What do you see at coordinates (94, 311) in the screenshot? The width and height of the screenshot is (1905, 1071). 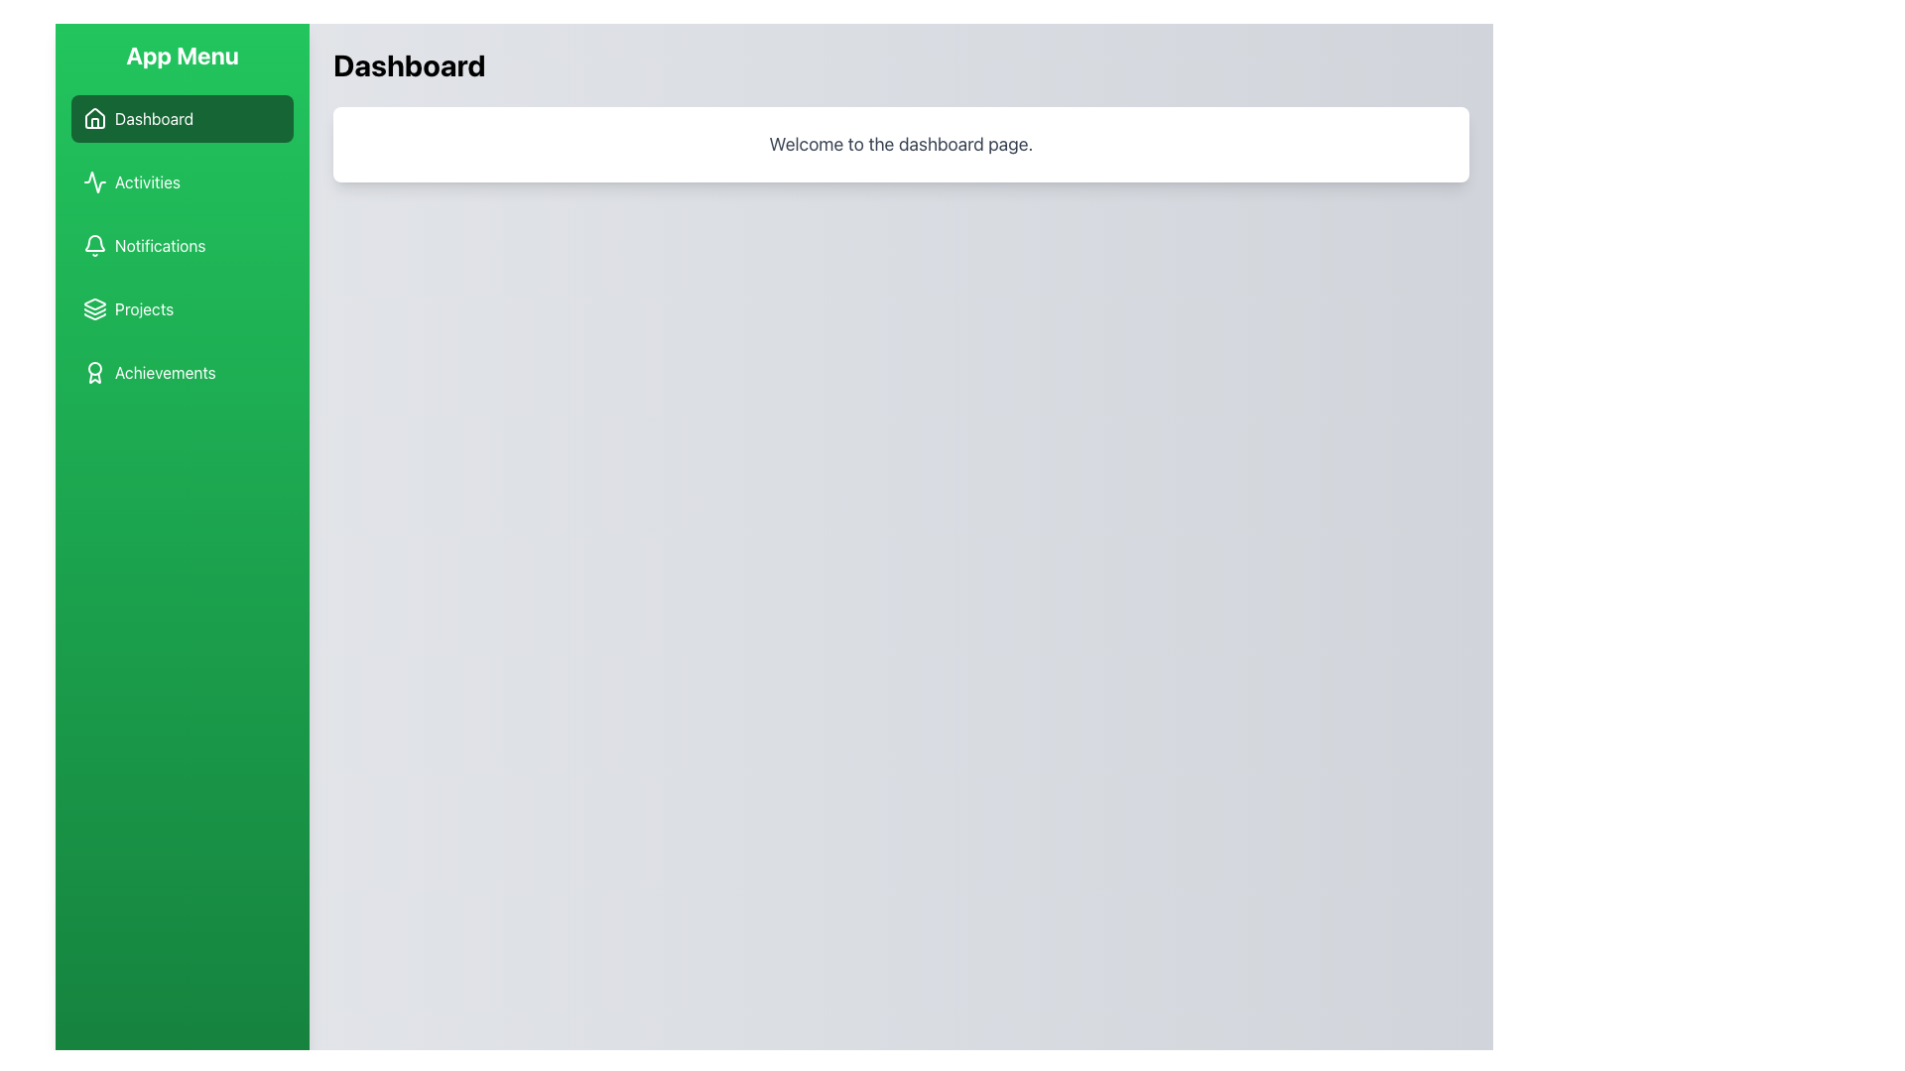 I see `the second stacked layer icon within the 'Projects' menu item in the left-side navigation panel of the dashboard interface` at bounding box center [94, 311].